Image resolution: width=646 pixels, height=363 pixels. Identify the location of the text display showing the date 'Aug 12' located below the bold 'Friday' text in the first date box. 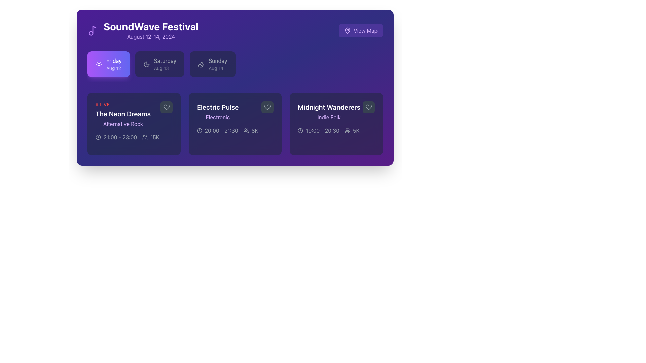
(114, 68).